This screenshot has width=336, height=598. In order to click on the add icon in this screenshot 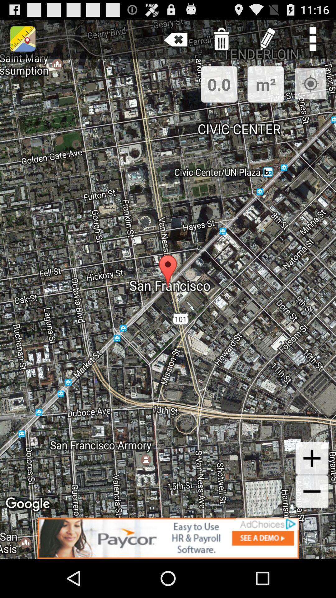, I will do `click(312, 490)`.